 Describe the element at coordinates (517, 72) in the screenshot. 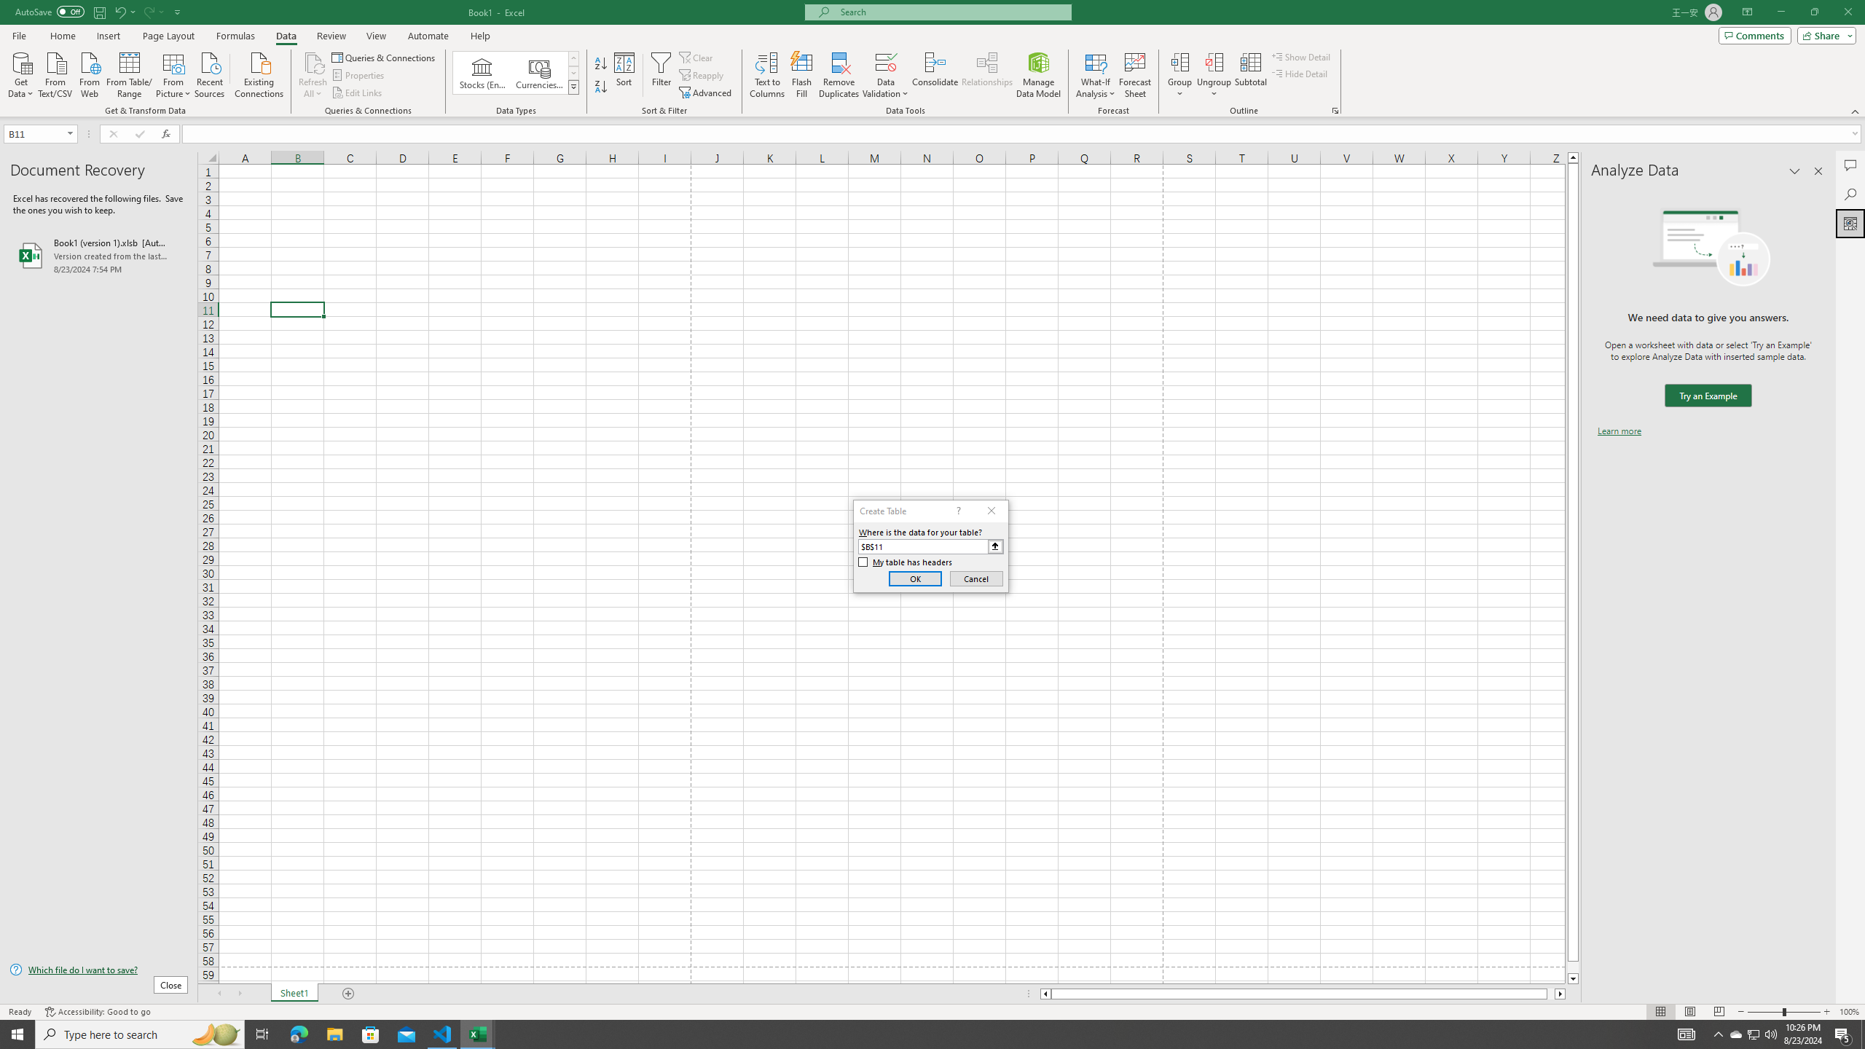

I see `'AutomationID: ConvertToLinkedEntity'` at that location.